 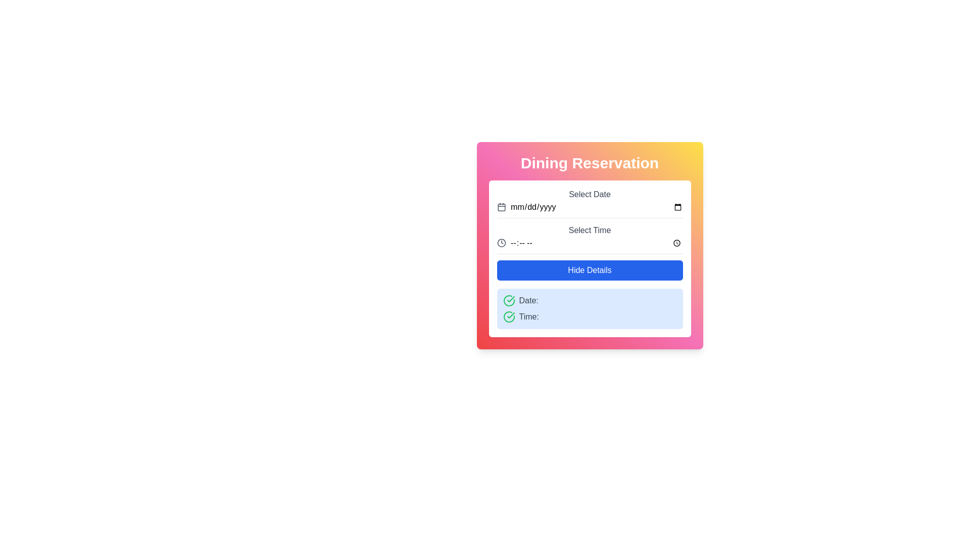 What do you see at coordinates (590, 316) in the screenshot?
I see `the text label 'Time:' in the second row of the light blue rounded card that contains a green checkmark icon` at bounding box center [590, 316].